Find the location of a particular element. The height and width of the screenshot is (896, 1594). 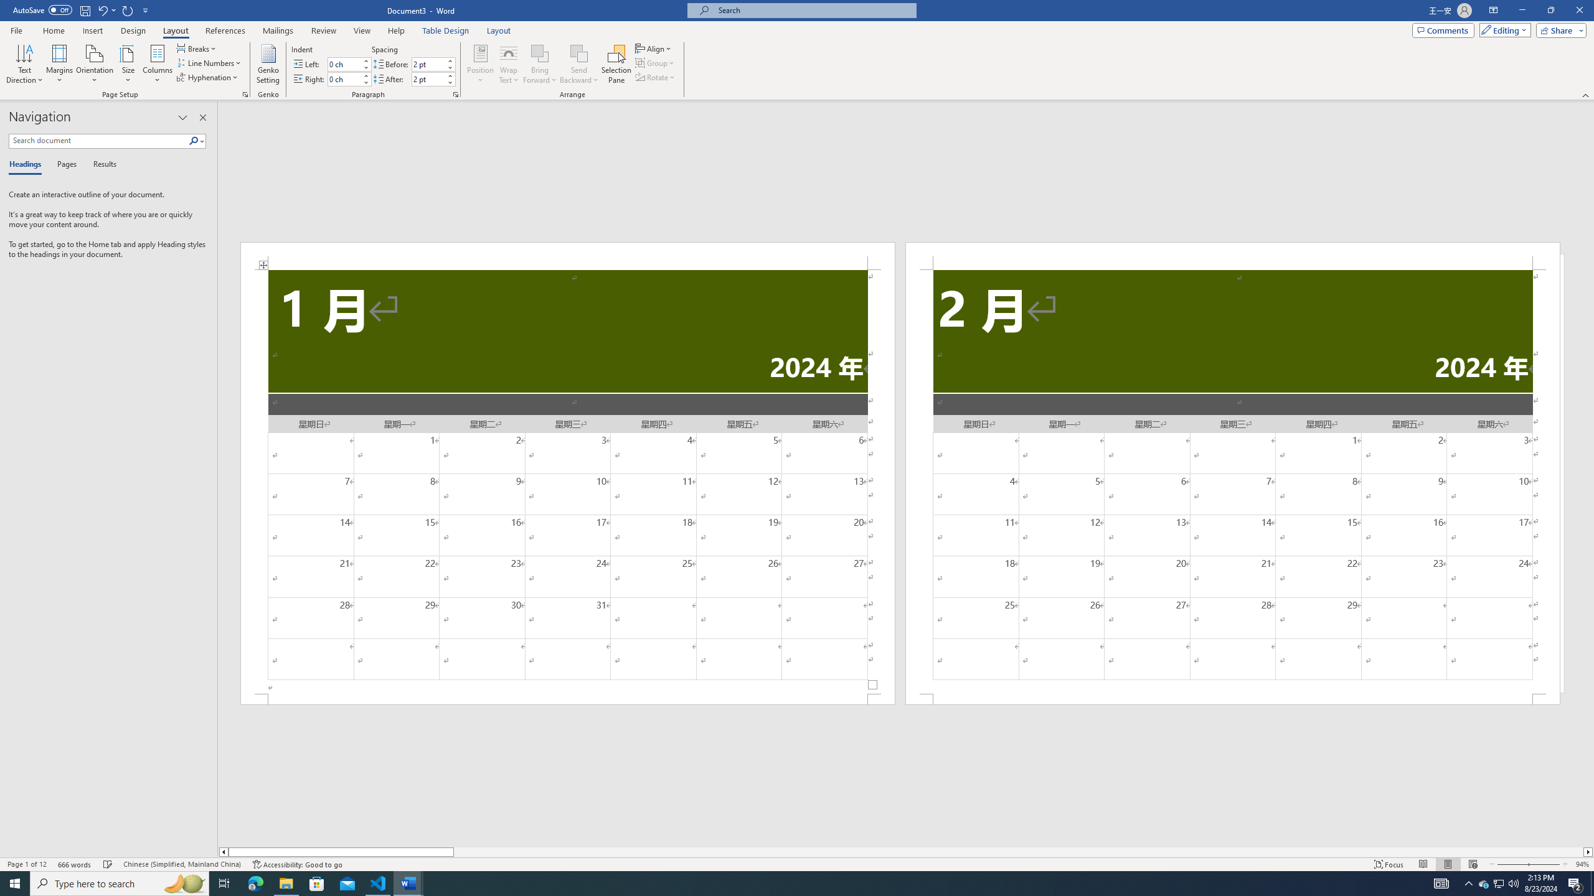

'Orientation' is located at coordinates (94, 64).